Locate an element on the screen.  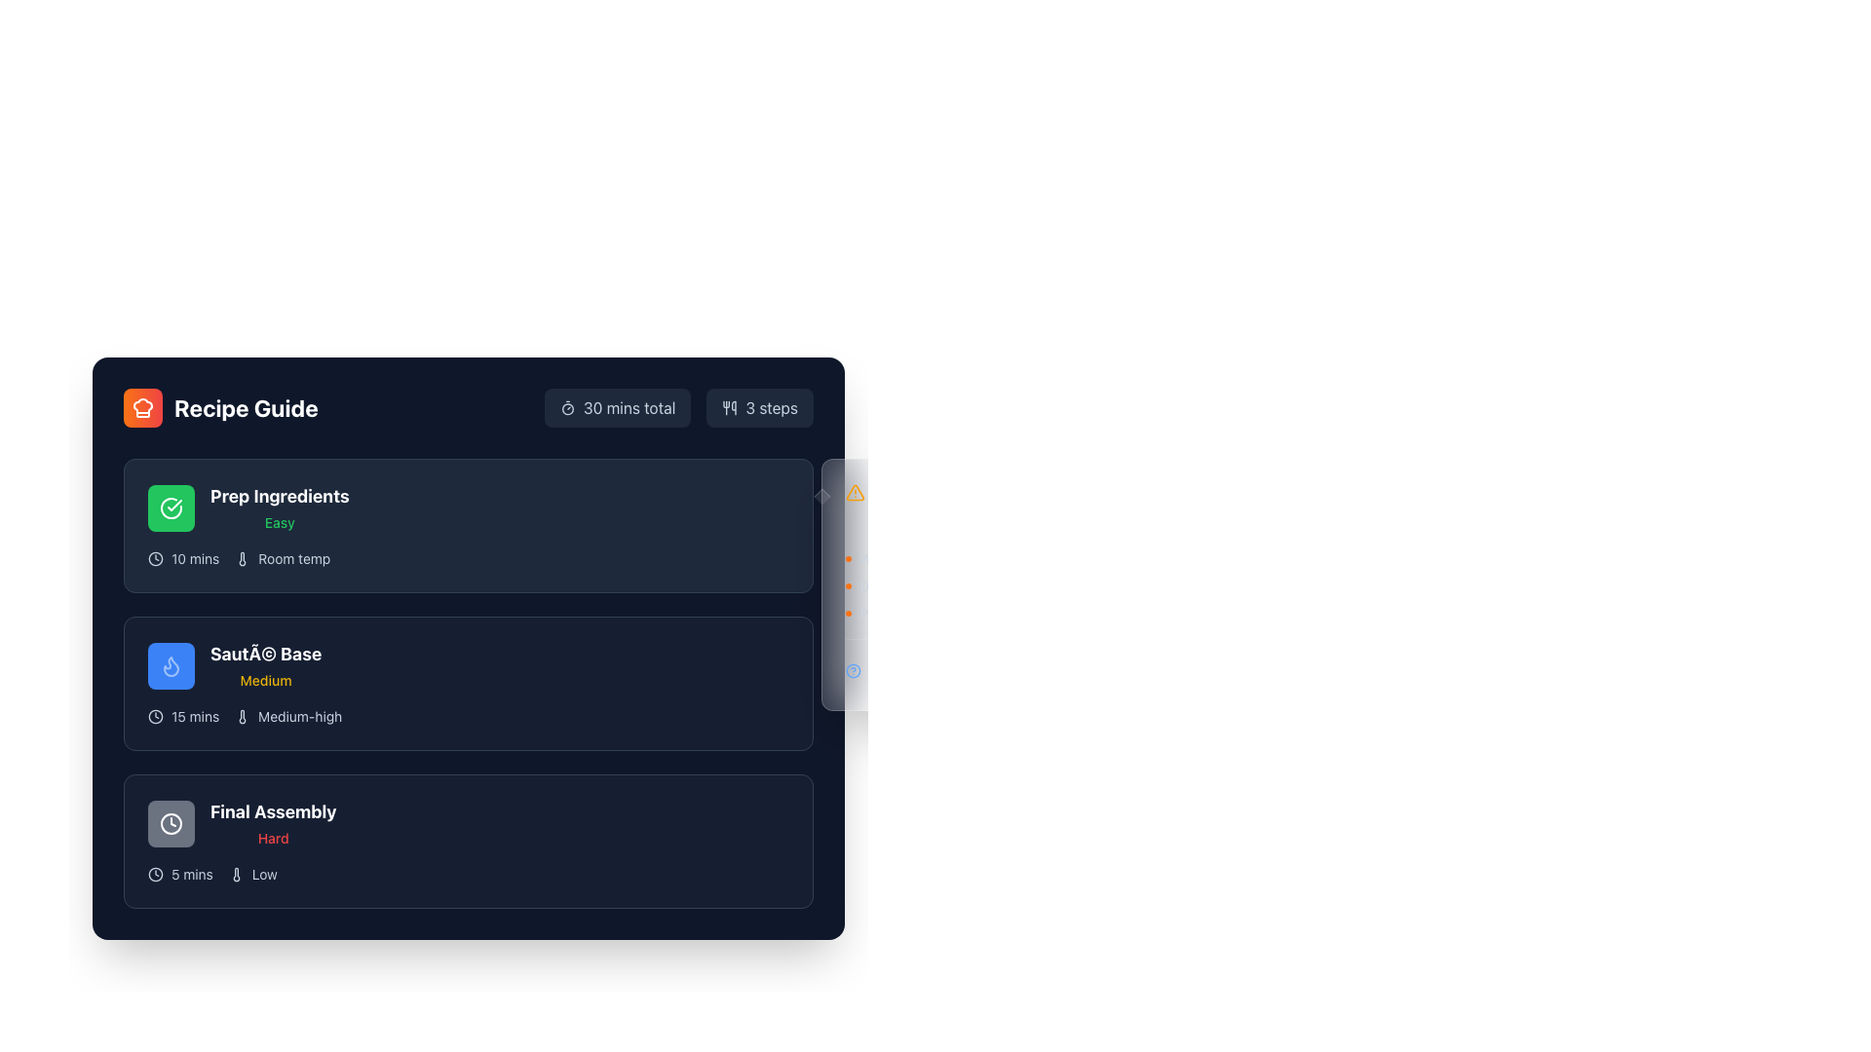
the thermometer icon representing the 'Medium-high' temperature level in the 'Sauté Base' section of the 'Recipe Guide.' is located at coordinates (242, 717).